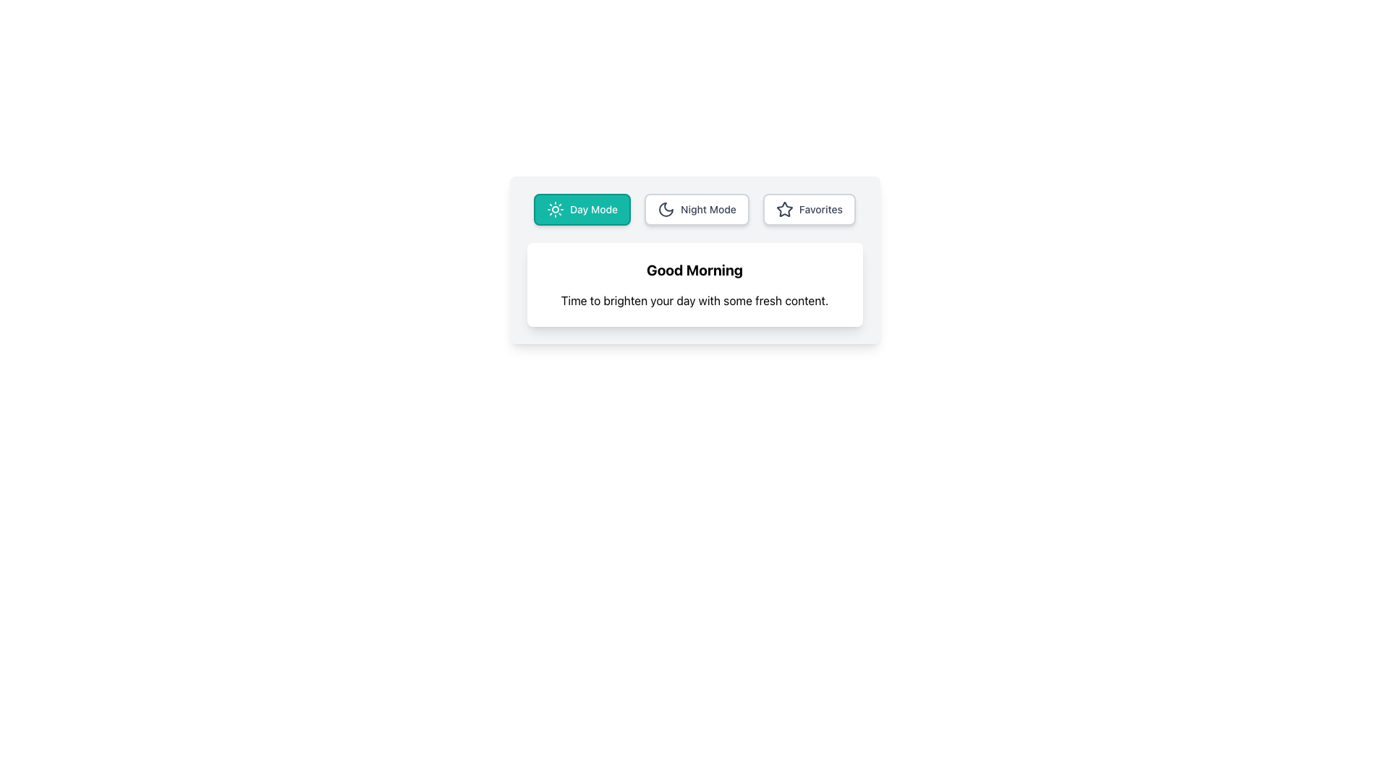 This screenshot has width=1389, height=781. I want to click on the star icon within the 'Favorites' button, which enhances the button's label visually and is located in the top-right corner of a horizontal menu containing 'Day Mode', 'Night Mode', and 'Favorites', so click(783, 209).